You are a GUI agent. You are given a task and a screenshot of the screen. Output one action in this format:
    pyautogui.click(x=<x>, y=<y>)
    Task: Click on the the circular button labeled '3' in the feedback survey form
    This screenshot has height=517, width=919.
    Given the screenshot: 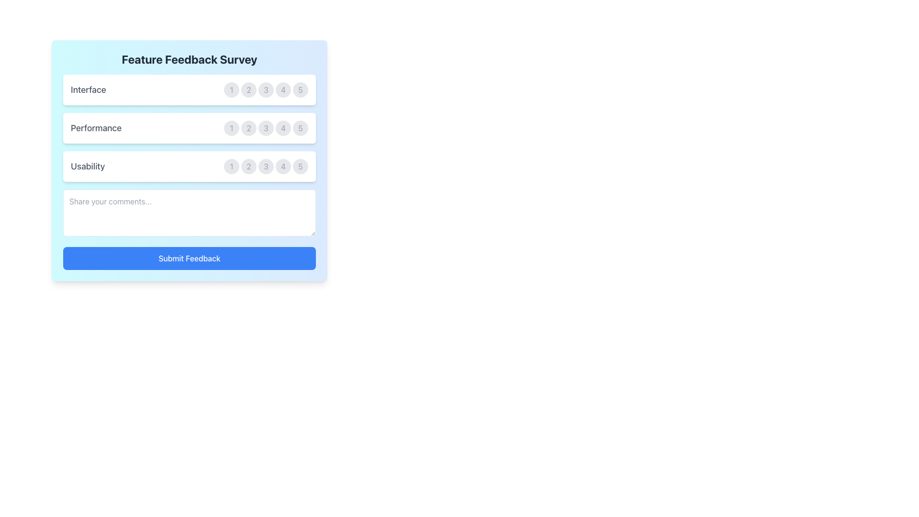 What is the action you would take?
    pyautogui.click(x=266, y=166)
    